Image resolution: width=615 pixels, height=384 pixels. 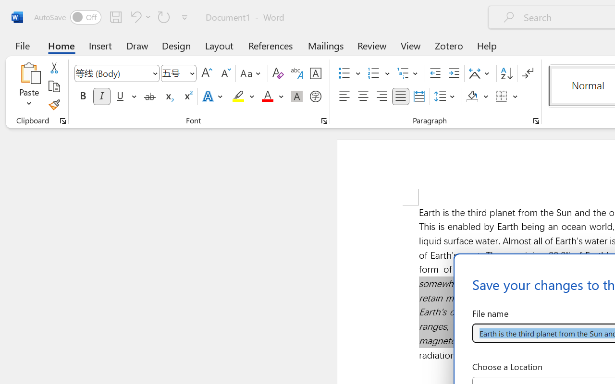 What do you see at coordinates (243, 96) in the screenshot?
I see `'Text Highlight Color'` at bounding box center [243, 96].